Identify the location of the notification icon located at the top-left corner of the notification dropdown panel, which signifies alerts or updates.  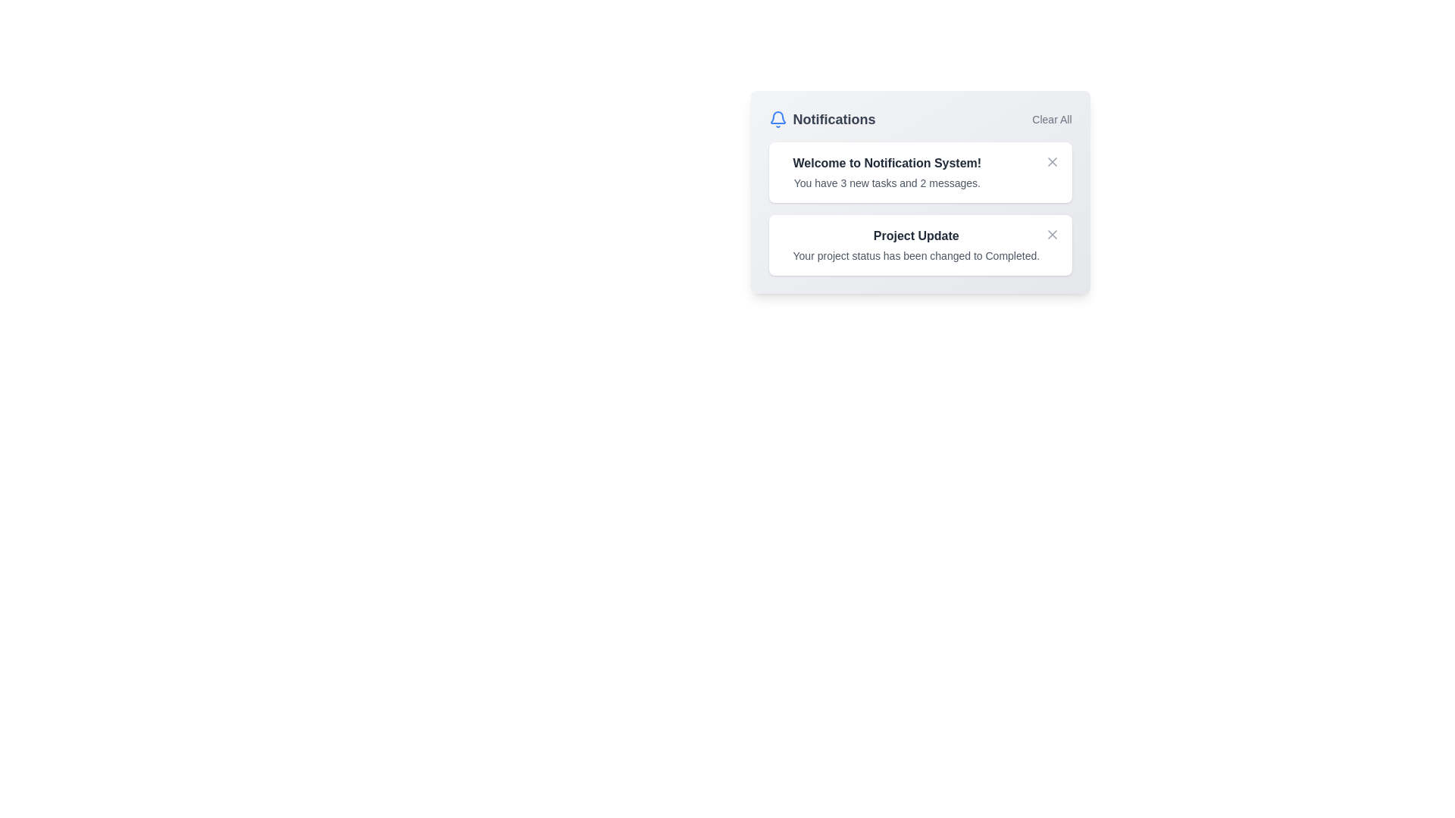
(778, 117).